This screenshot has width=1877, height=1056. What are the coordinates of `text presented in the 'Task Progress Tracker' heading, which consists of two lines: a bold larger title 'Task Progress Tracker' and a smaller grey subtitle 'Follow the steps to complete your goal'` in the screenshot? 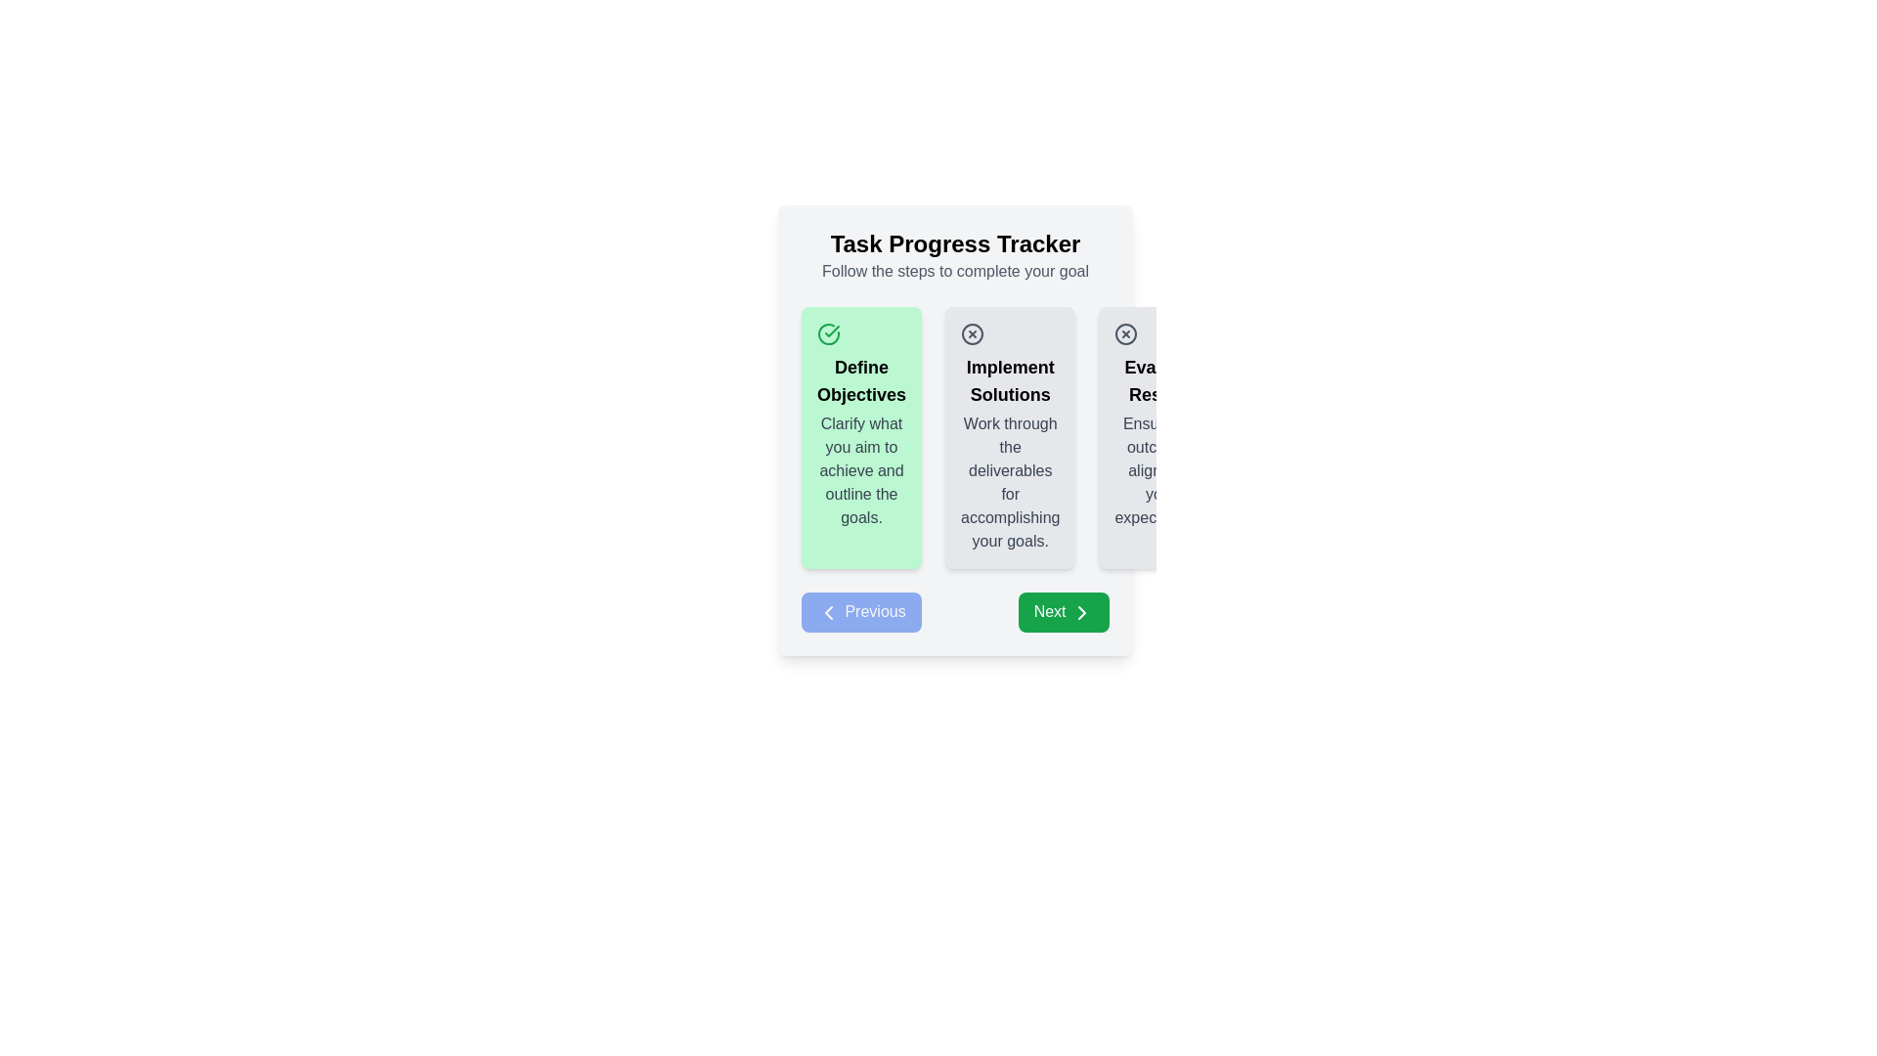 It's located at (955, 255).